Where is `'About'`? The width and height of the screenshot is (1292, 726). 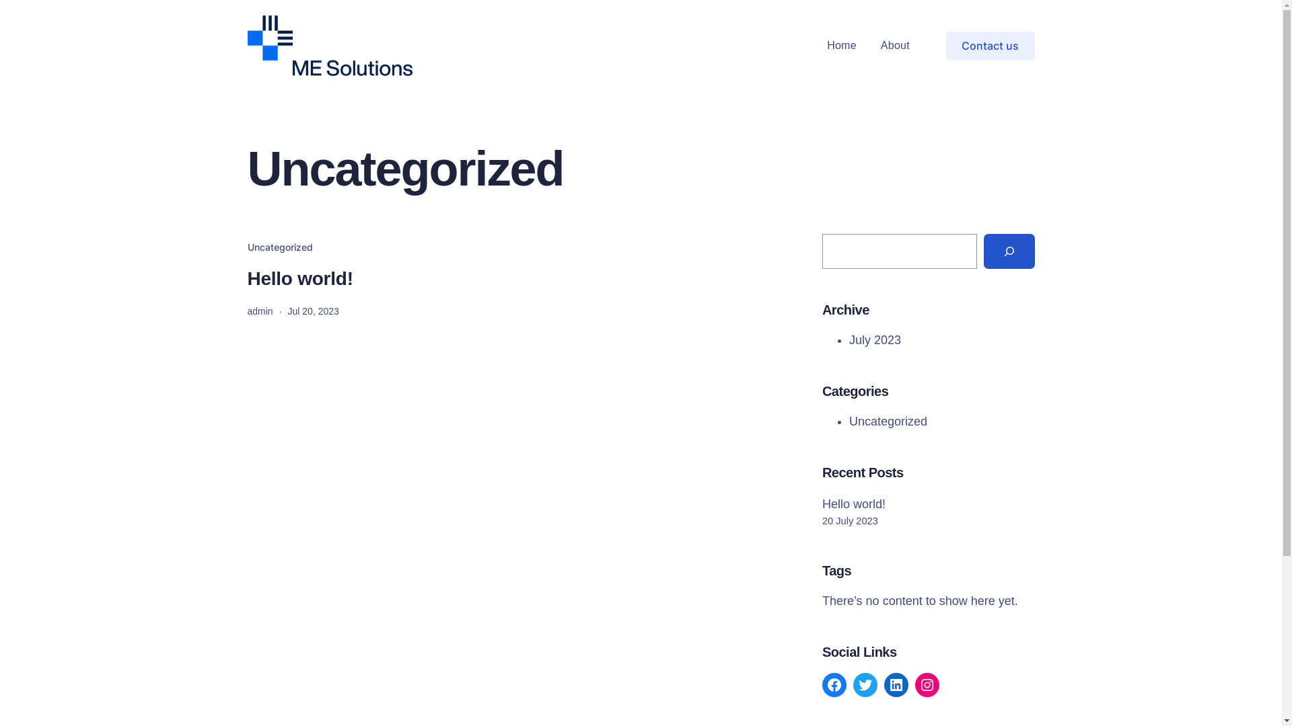
'About' is located at coordinates (895, 45).